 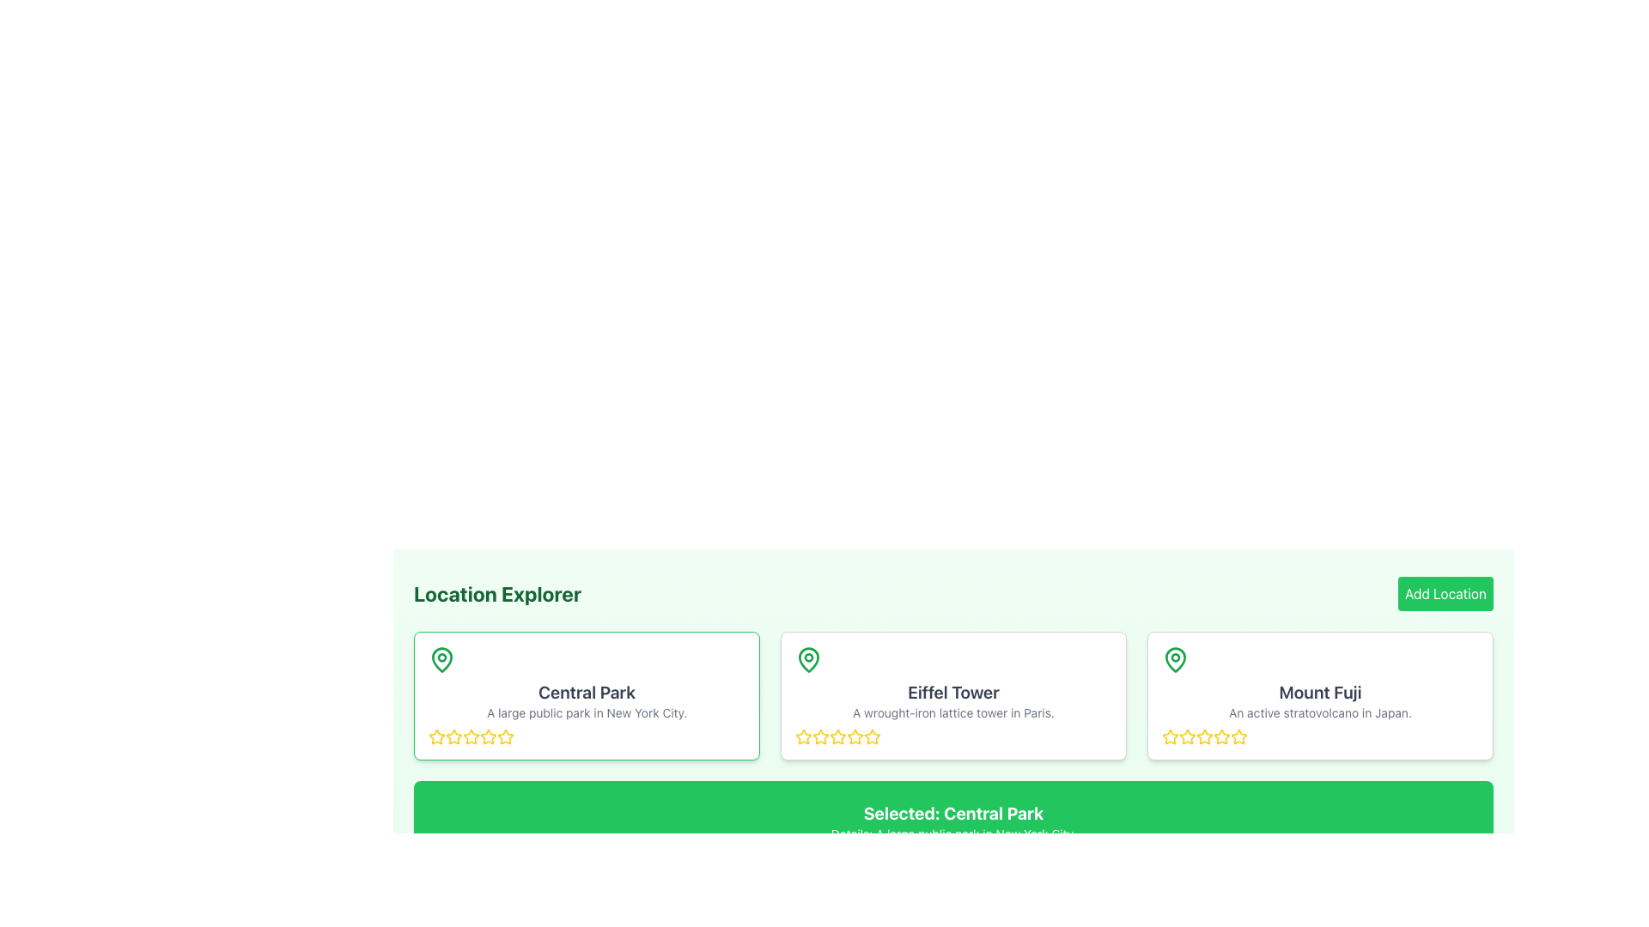 I want to click on the outlined star icon, which is the sixth star in the rating system for the 'Eiffel Tower' card located in the middle column of the interface, so click(x=855, y=736).